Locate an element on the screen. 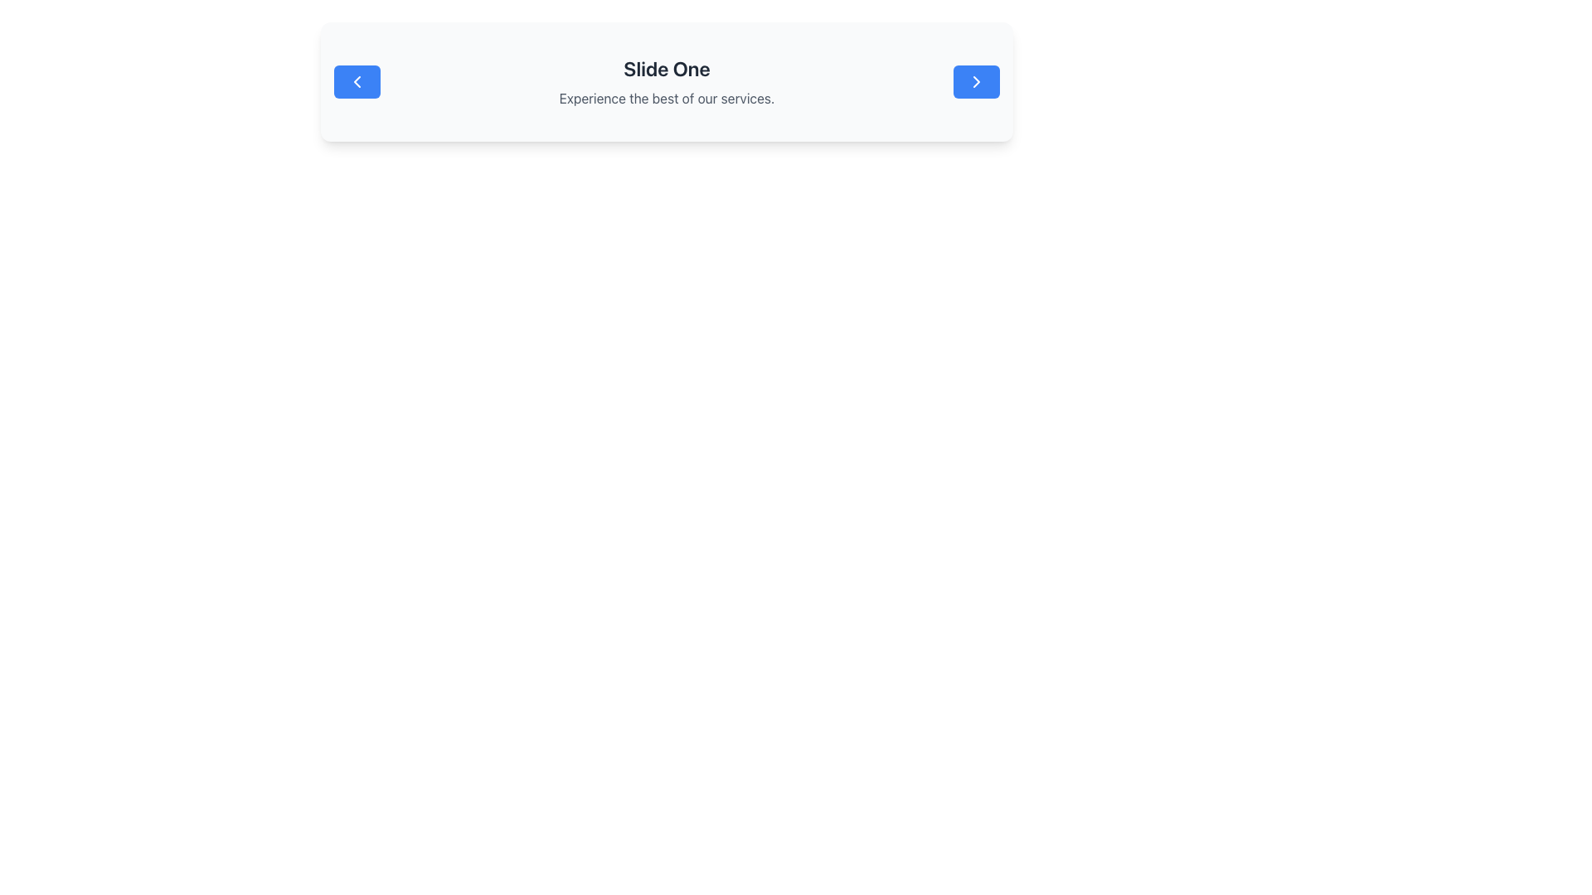  the leftmost rounded button with a blue background and a white left chevron icon is located at coordinates (357, 82).